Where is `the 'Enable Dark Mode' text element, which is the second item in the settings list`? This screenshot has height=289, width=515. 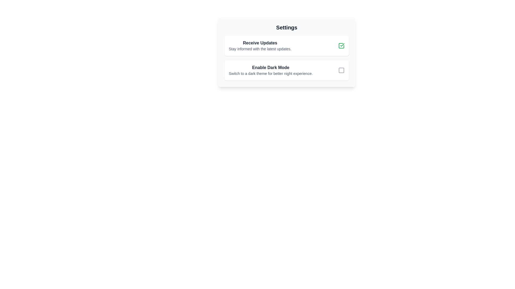 the 'Enable Dark Mode' text element, which is the second item in the settings list is located at coordinates (271, 70).